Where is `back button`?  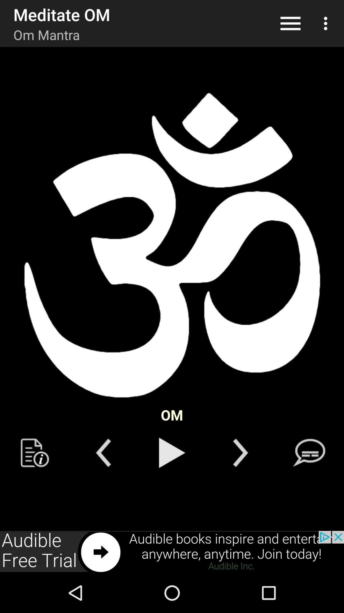
back button is located at coordinates (240, 452).